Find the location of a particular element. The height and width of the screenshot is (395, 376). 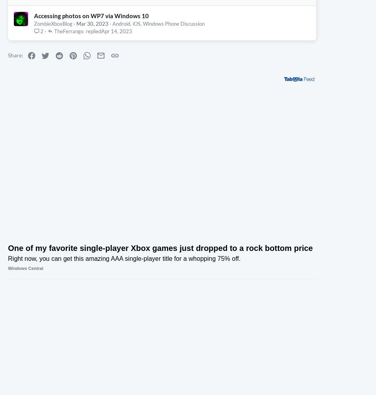

'Android, iOS, Windows Phone Discussion' is located at coordinates (112, 98).